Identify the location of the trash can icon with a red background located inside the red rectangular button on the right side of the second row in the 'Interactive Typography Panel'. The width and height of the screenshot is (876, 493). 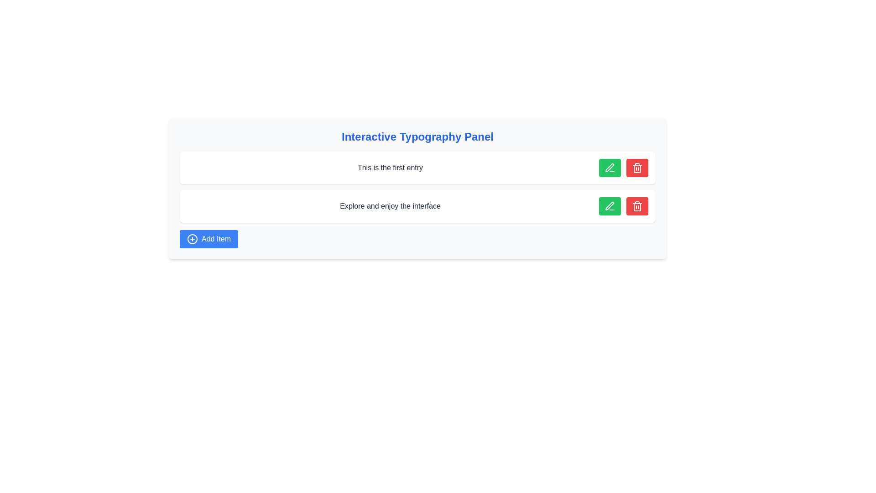
(636, 168).